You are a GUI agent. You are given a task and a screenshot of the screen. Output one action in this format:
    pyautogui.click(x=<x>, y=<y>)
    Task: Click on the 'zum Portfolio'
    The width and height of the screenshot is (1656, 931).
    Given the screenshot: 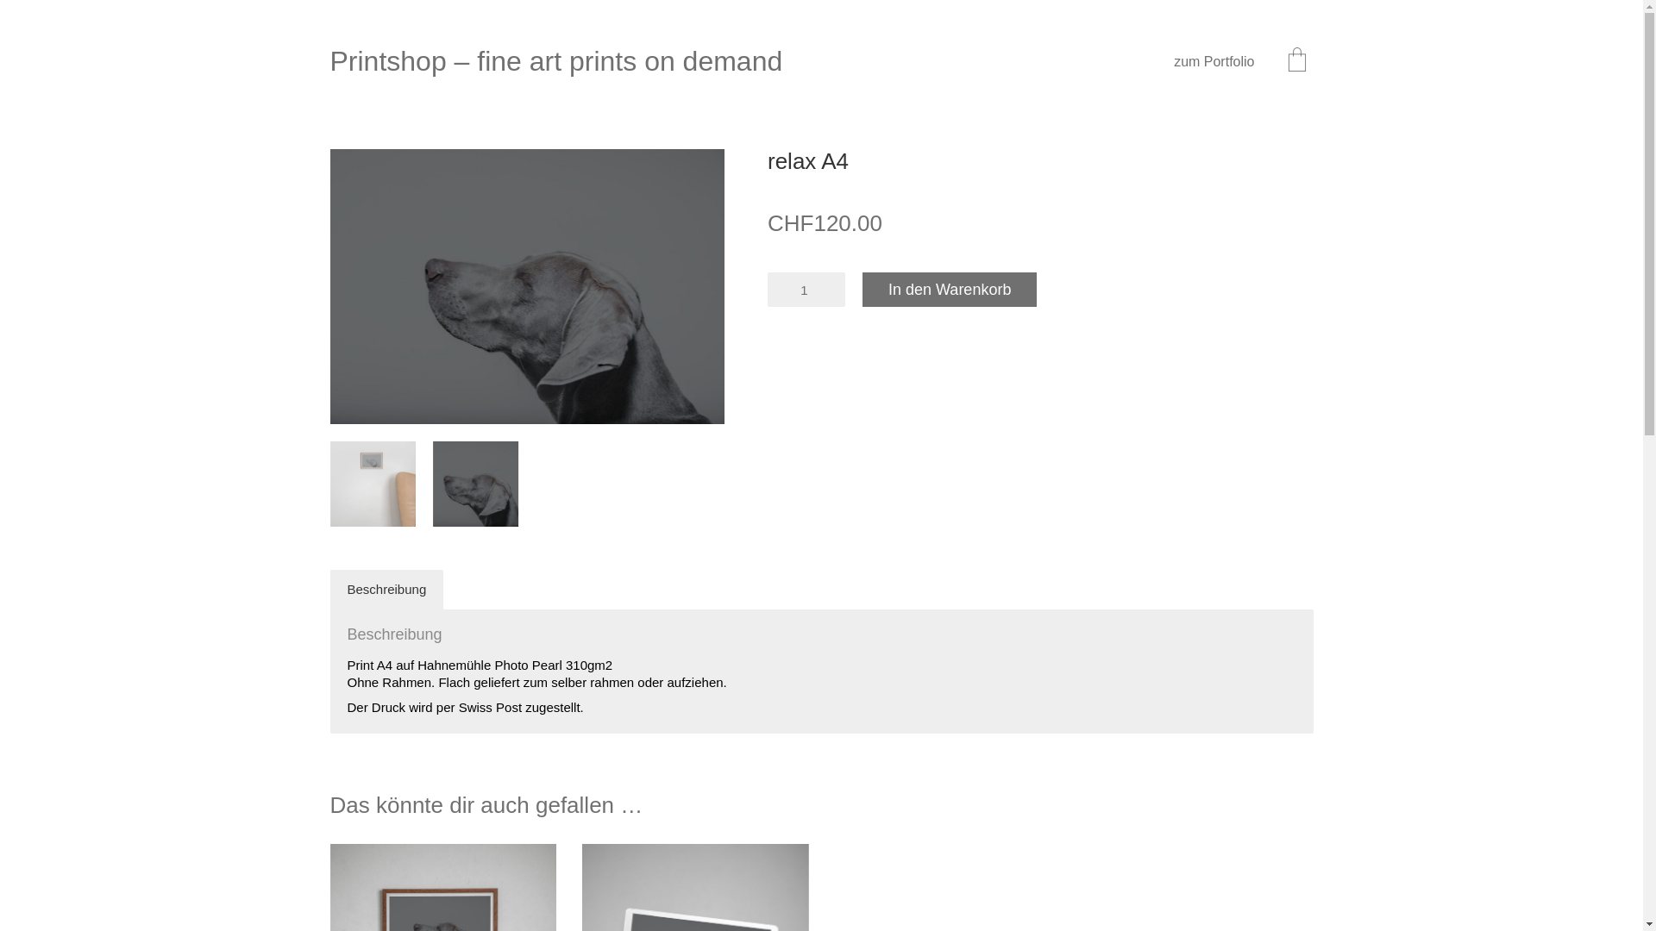 What is the action you would take?
    pyautogui.click(x=1213, y=60)
    